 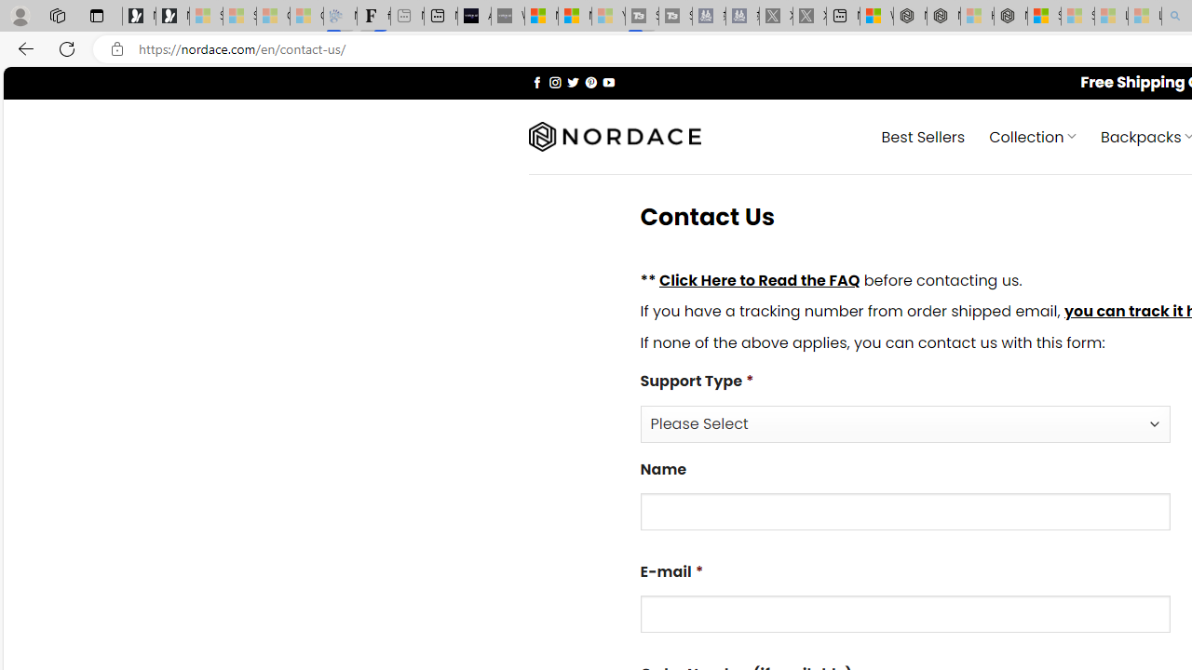 I want to click on 'Click Here to Read the FAQ', so click(x=759, y=279).